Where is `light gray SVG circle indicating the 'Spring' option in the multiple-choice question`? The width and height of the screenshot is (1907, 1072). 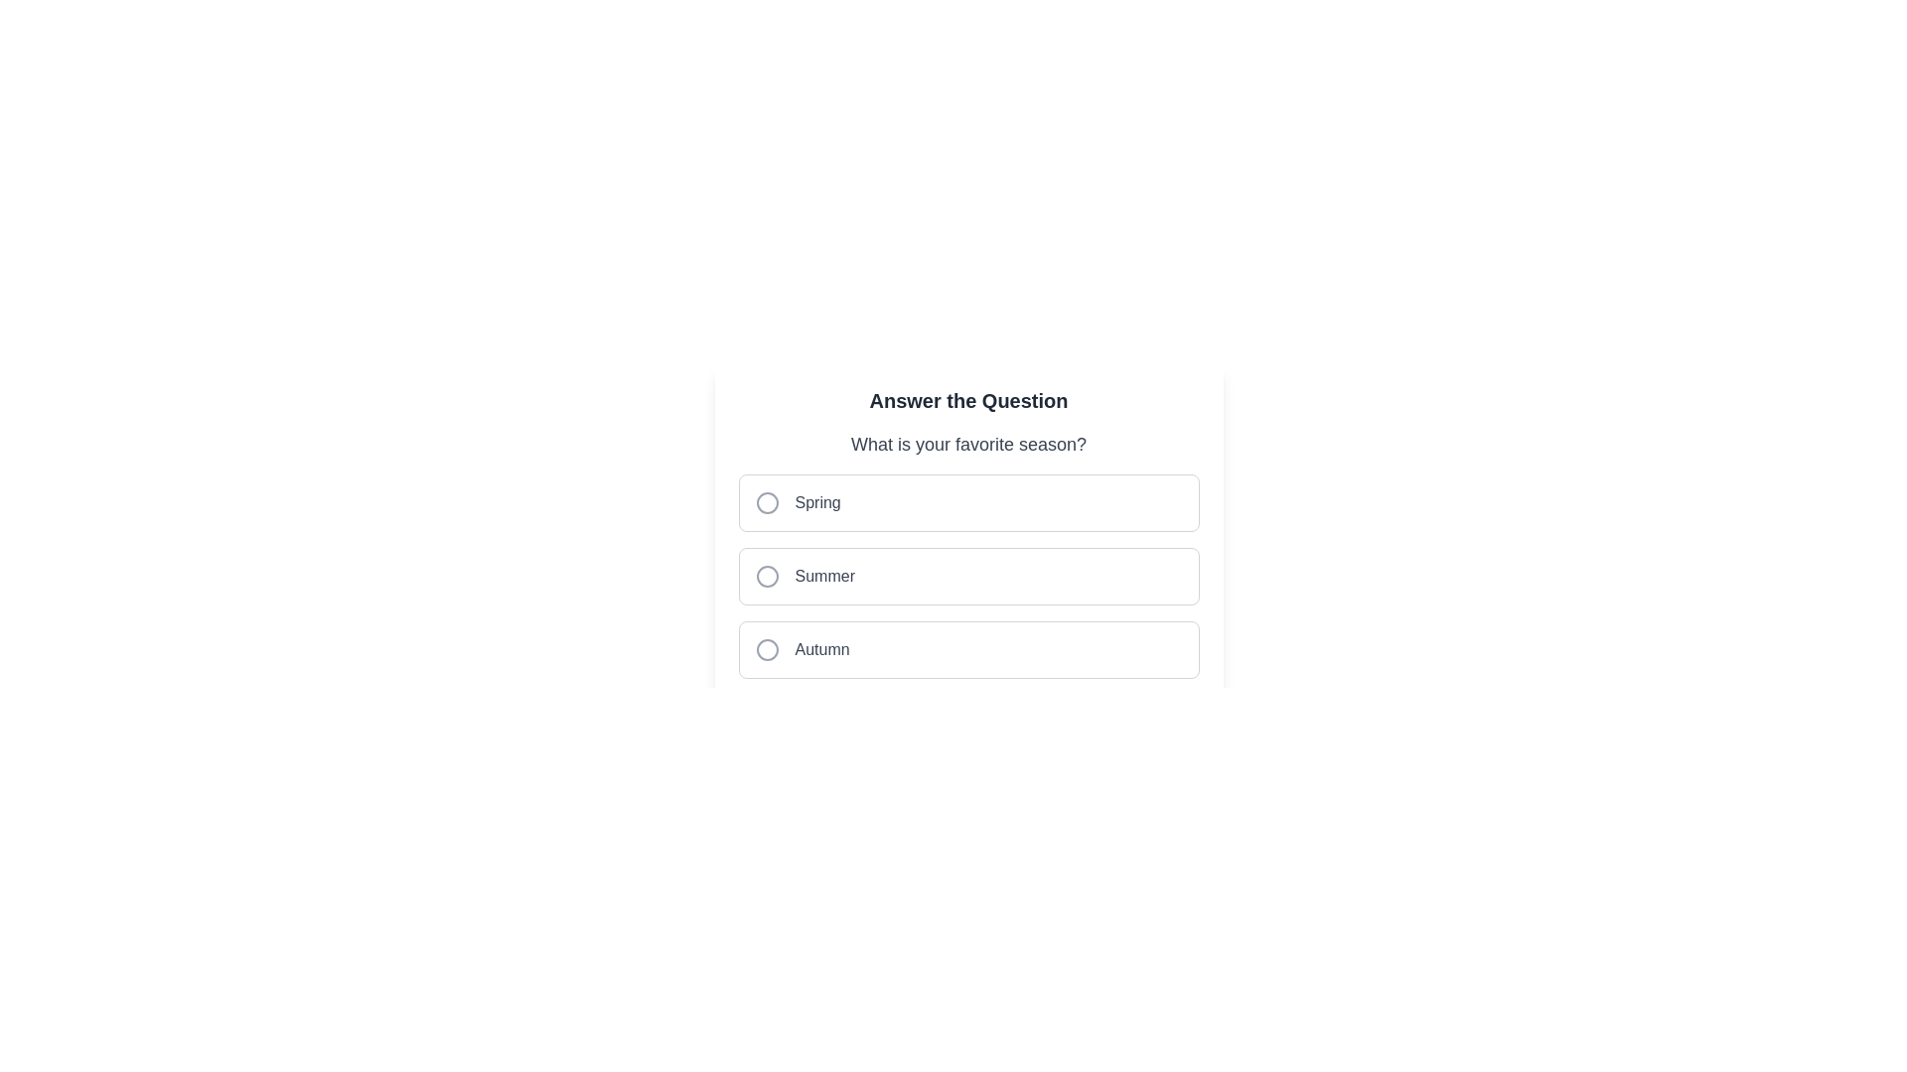 light gray SVG circle indicating the 'Spring' option in the multiple-choice question is located at coordinates (766, 501).